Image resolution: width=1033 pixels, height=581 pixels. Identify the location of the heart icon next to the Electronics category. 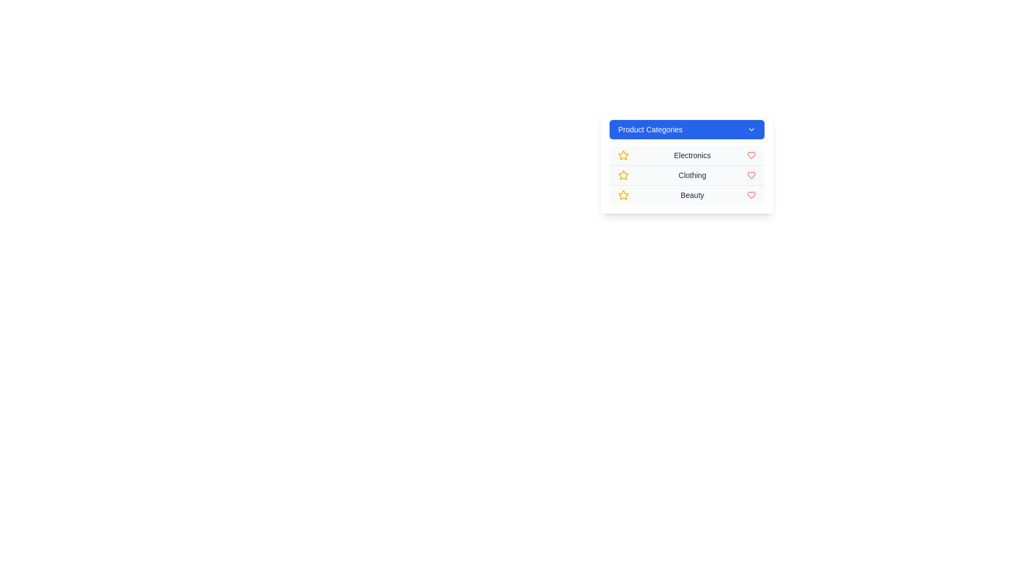
(751, 155).